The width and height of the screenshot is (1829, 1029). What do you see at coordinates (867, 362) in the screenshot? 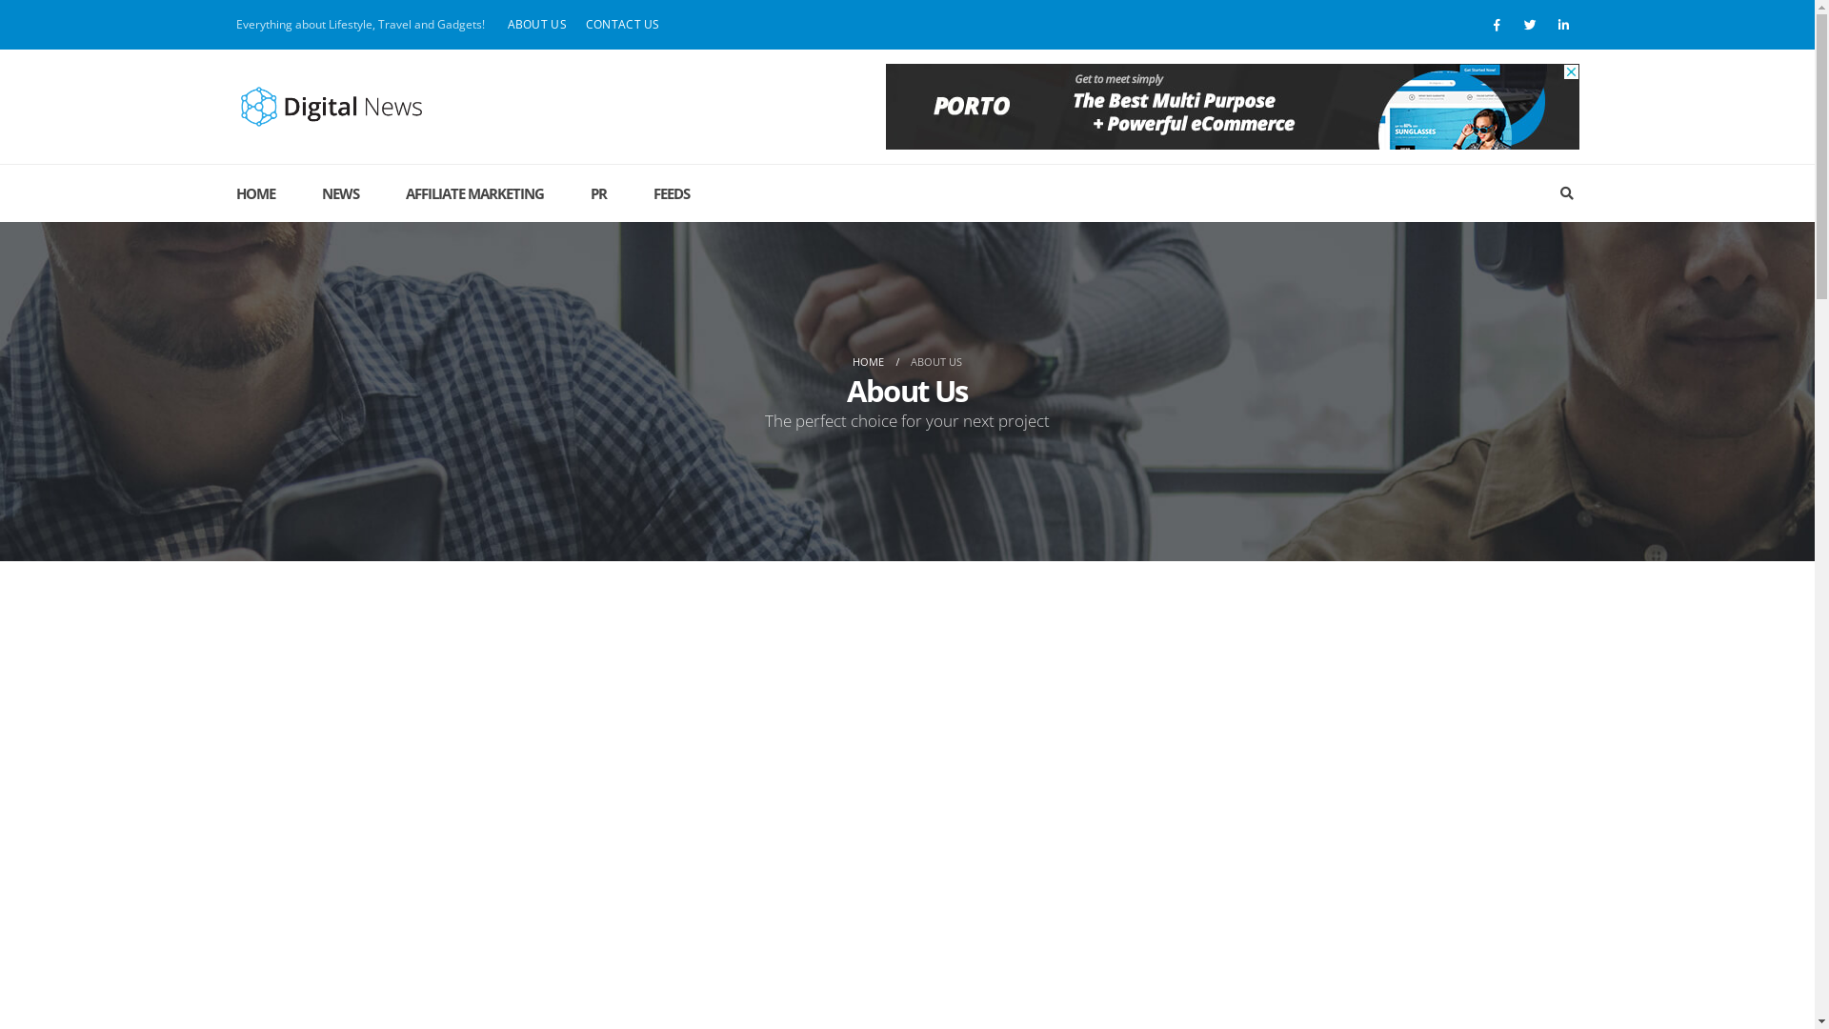
I see `'HOME'` at bounding box center [867, 362].